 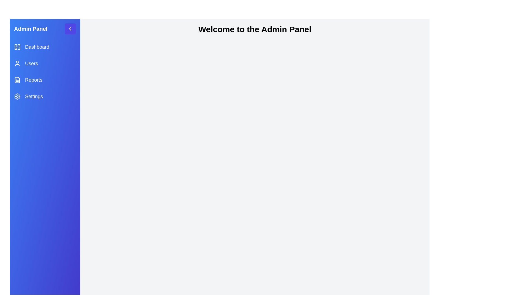 I want to click on the 'Users' menu icon located in the left sidebar, which is positioned to the left of the 'Users' text, so click(x=17, y=63).